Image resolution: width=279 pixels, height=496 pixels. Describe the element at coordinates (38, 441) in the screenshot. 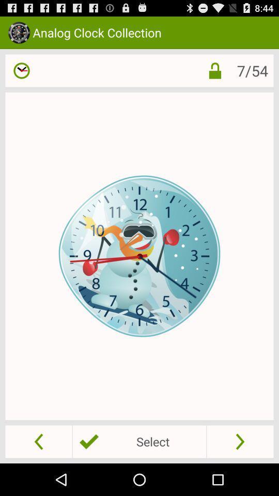

I see `go back` at that location.